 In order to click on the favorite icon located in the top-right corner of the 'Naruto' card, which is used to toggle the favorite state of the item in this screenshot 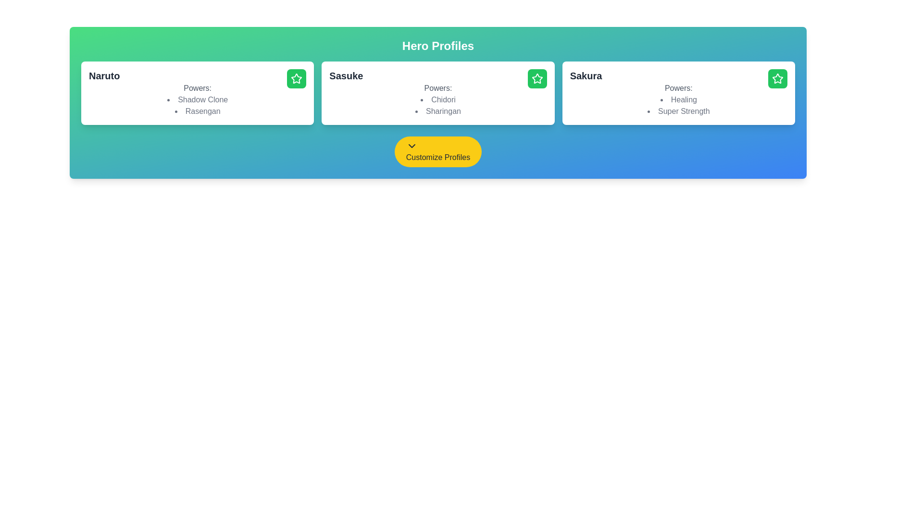, I will do `click(296, 78)`.